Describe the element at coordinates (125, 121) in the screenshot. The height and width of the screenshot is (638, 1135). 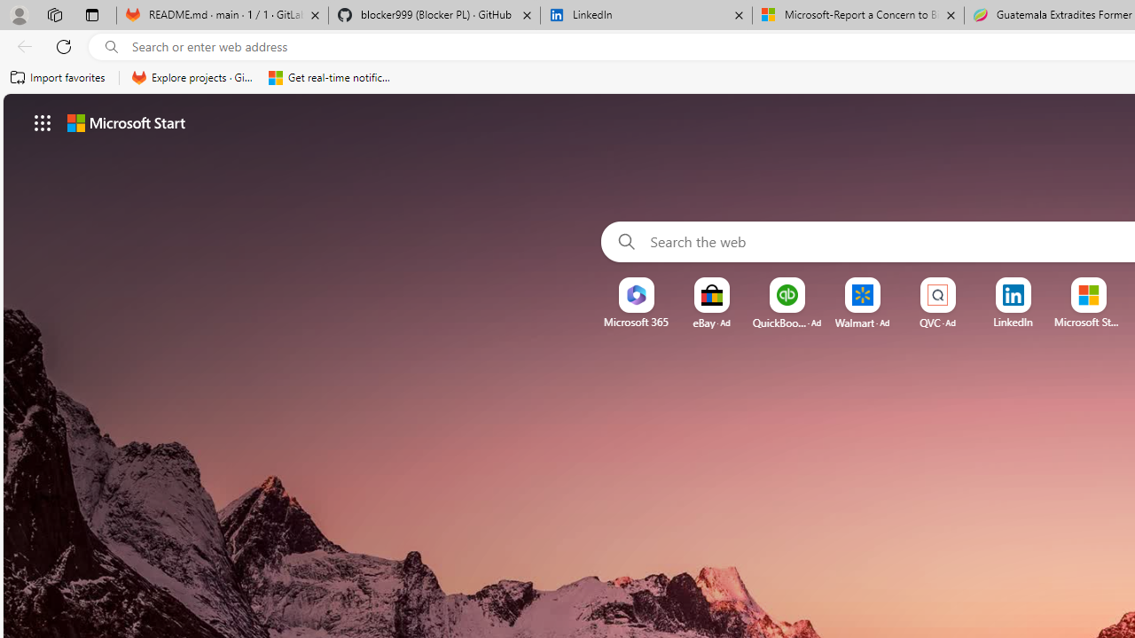
I see `'Microsoft start'` at that location.